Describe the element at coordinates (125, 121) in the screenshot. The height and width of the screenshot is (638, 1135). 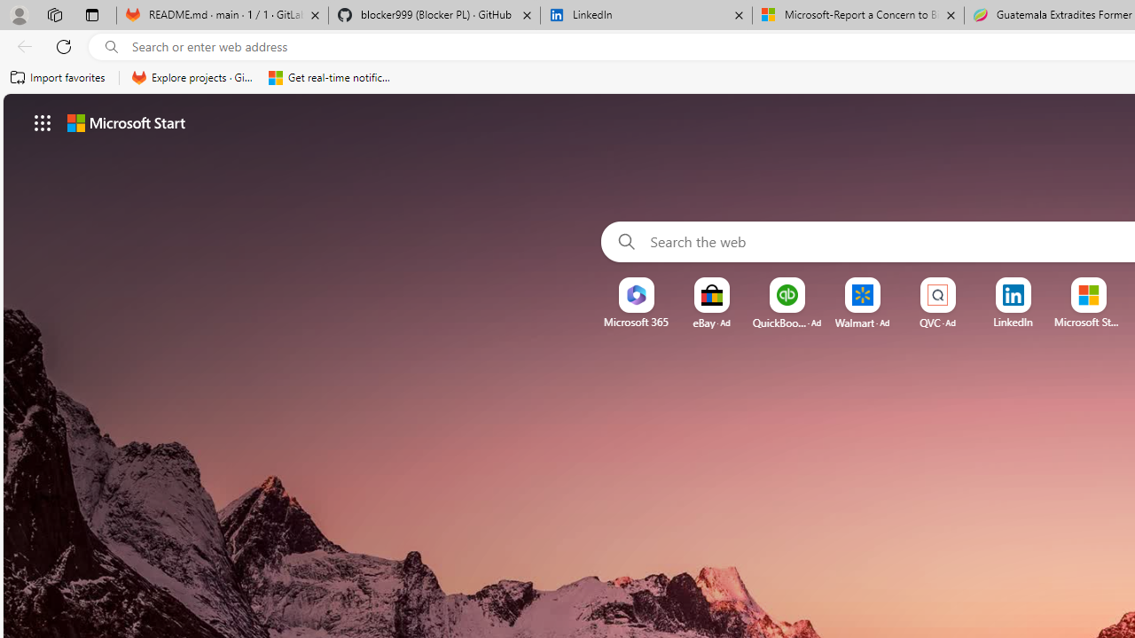
I see `'Microsoft start'` at that location.